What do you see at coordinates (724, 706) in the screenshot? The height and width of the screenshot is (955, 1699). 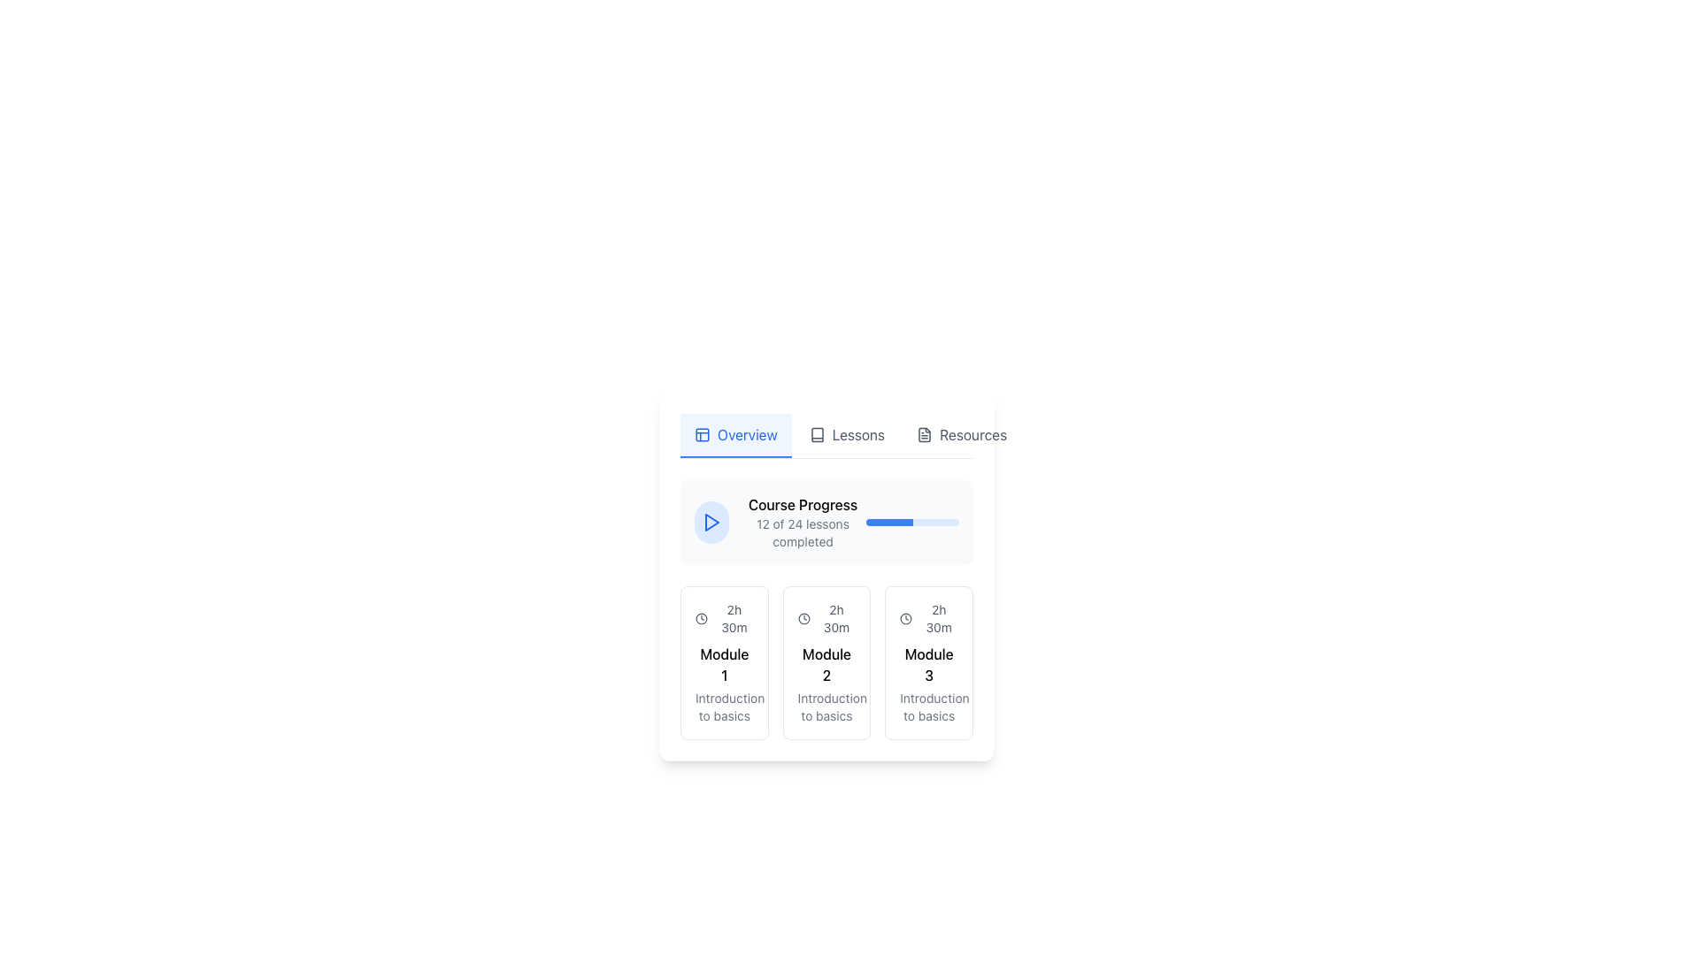 I see `descriptive text label located at the bottom of the 'Module 1' card, which provides context to users browsing the modules` at bounding box center [724, 706].